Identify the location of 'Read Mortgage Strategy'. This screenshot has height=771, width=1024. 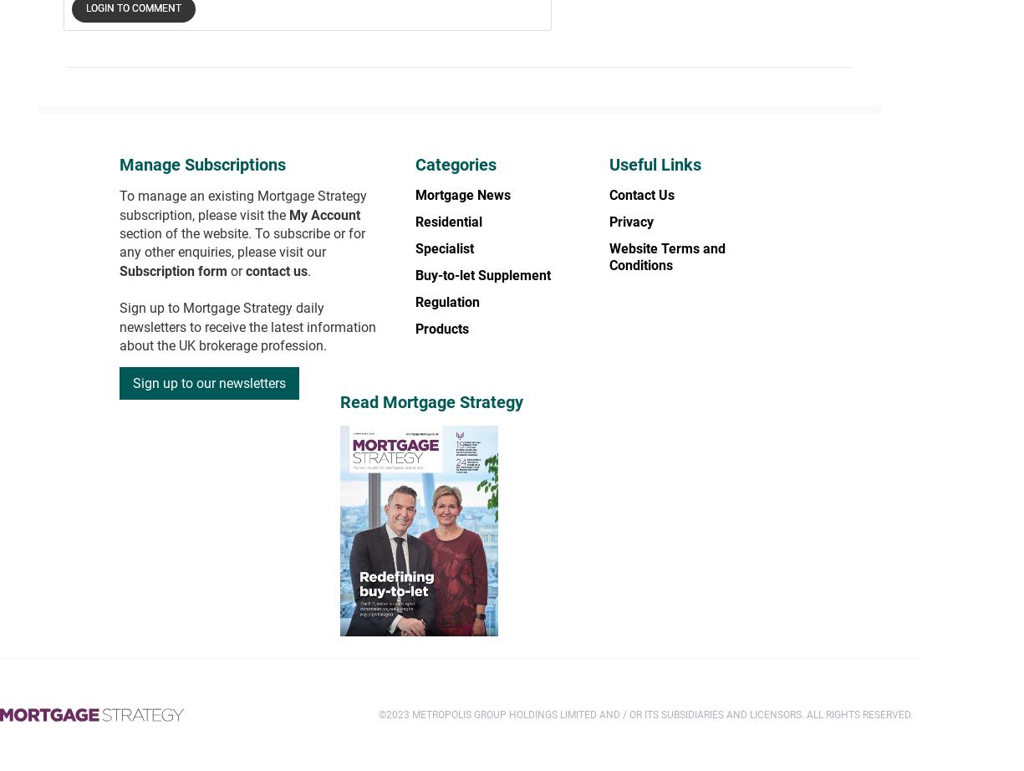
(339, 402).